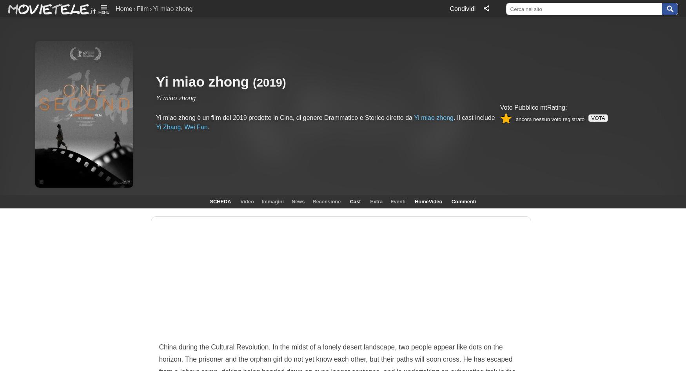 The height and width of the screenshot is (371, 686). What do you see at coordinates (196, 126) in the screenshot?
I see `'Wei Fan'` at bounding box center [196, 126].